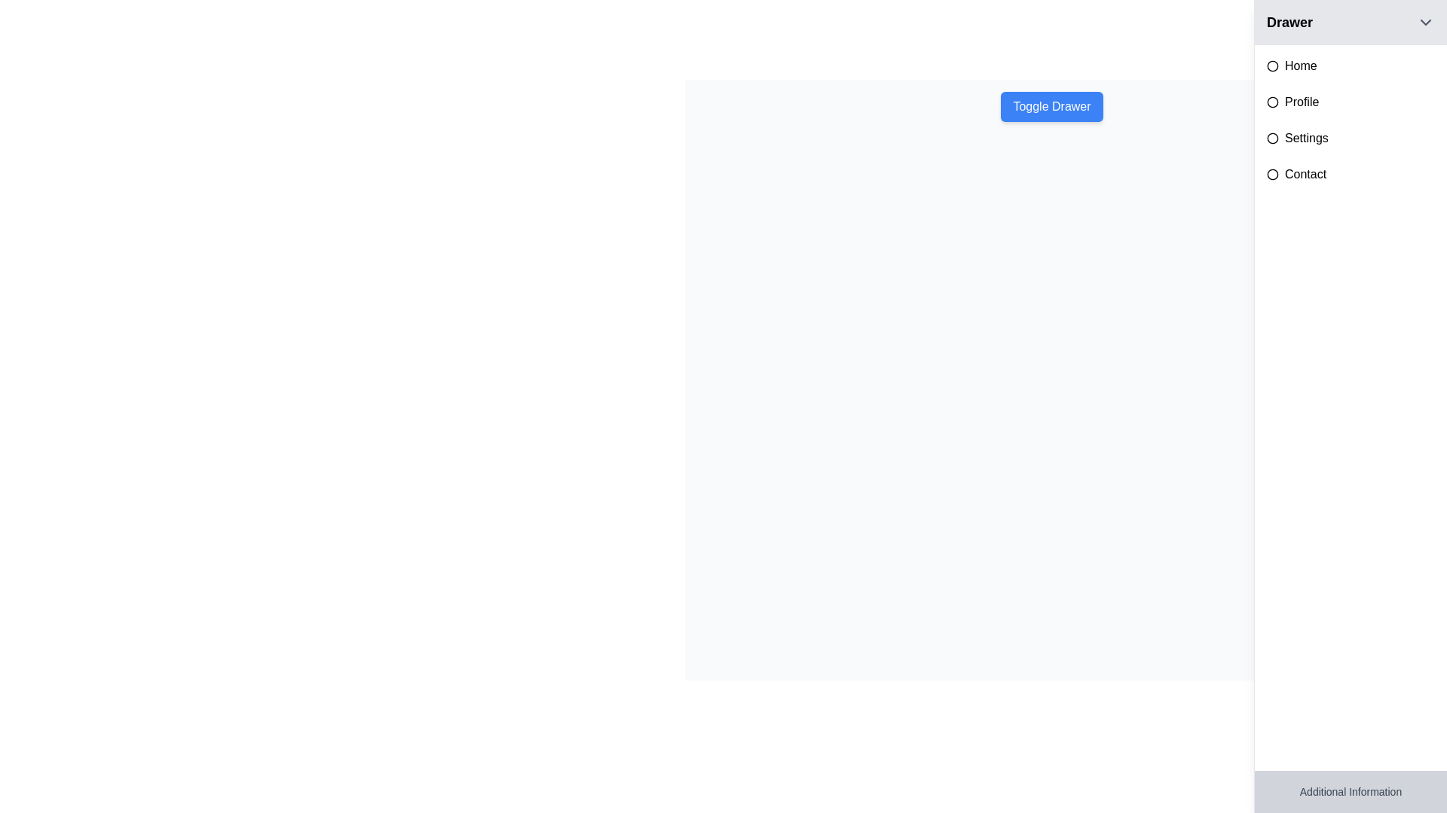 The height and width of the screenshot is (813, 1447). Describe the element at coordinates (1424, 23) in the screenshot. I see `the toggle button located at the rightmost side of the header section of the drawer interface to observe visual feedback` at that location.